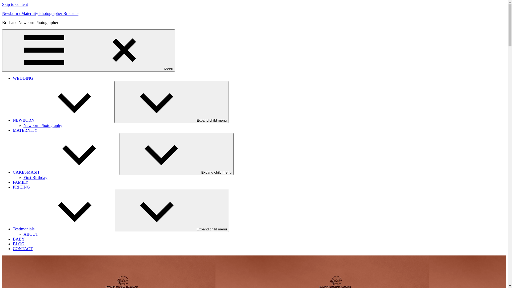  What do you see at coordinates (66, 172) in the screenshot?
I see `'CAKESMASH'` at bounding box center [66, 172].